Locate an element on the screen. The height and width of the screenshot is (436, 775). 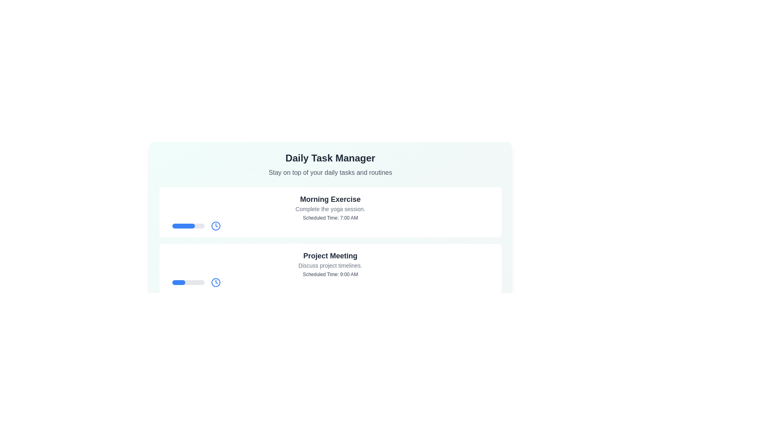
the filled portion of the Progress bar located below the 'Project Meeting' section to indicate progress status is located at coordinates (178, 282).